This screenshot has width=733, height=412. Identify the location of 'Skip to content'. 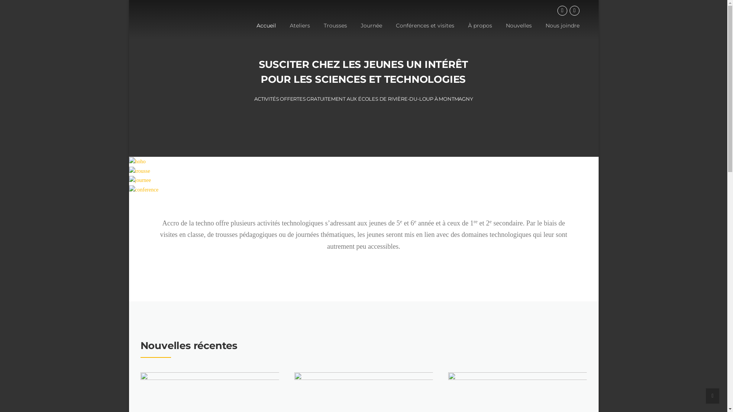
(129, 0).